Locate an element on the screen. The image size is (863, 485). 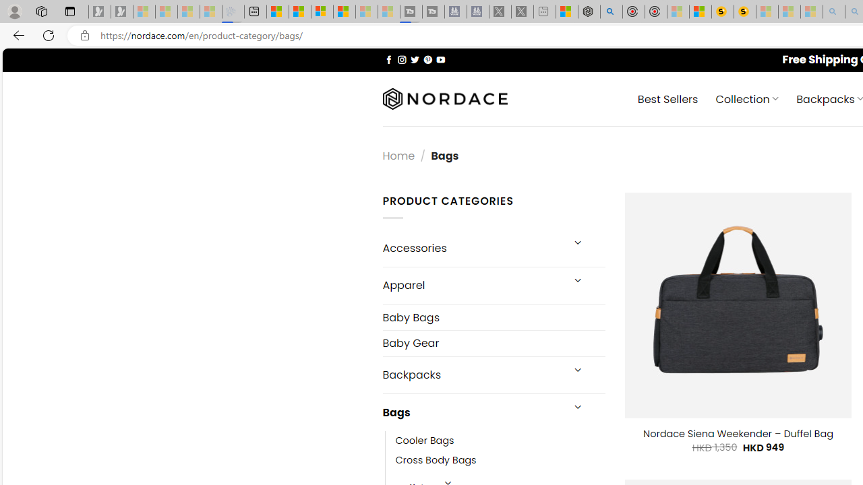
' Best Sellers' is located at coordinates (667, 98).